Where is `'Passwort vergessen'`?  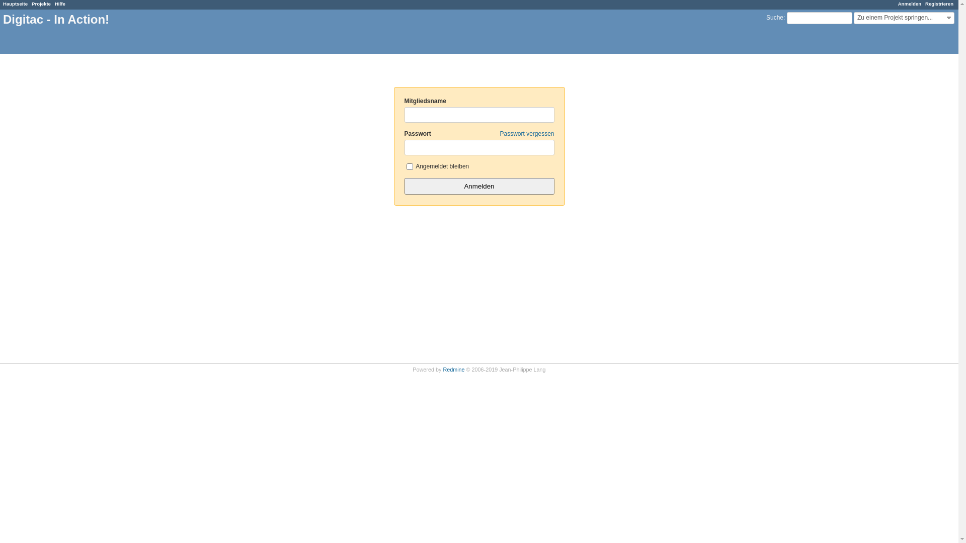 'Passwort vergessen' is located at coordinates (500, 133).